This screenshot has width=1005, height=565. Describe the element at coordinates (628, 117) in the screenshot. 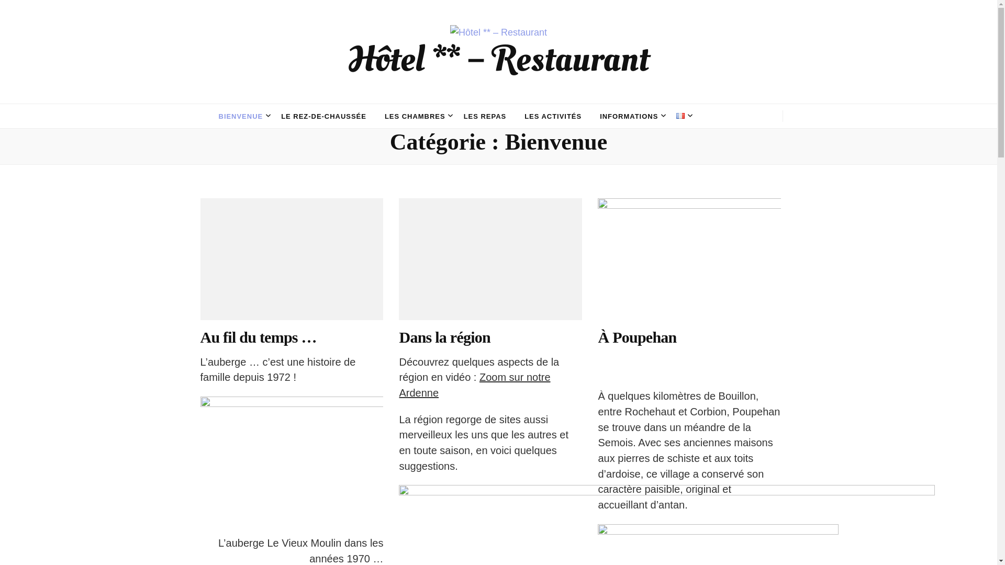

I see `'INFORMATIONS'` at that location.